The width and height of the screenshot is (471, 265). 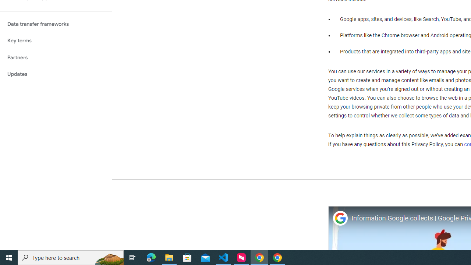 What do you see at coordinates (56, 24) in the screenshot?
I see `'Data transfer frameworks'` at bounding box center [56, 24].